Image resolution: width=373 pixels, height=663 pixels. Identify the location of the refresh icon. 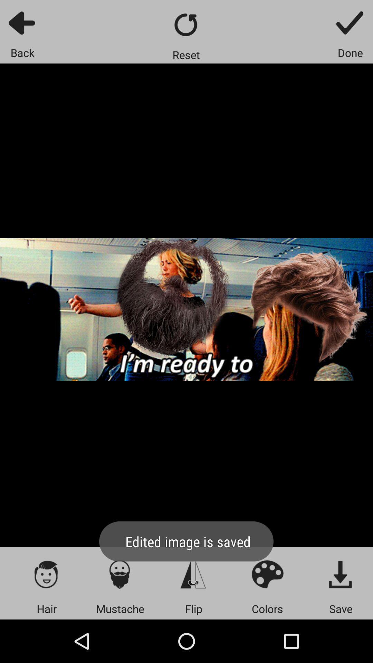
(186, 25).